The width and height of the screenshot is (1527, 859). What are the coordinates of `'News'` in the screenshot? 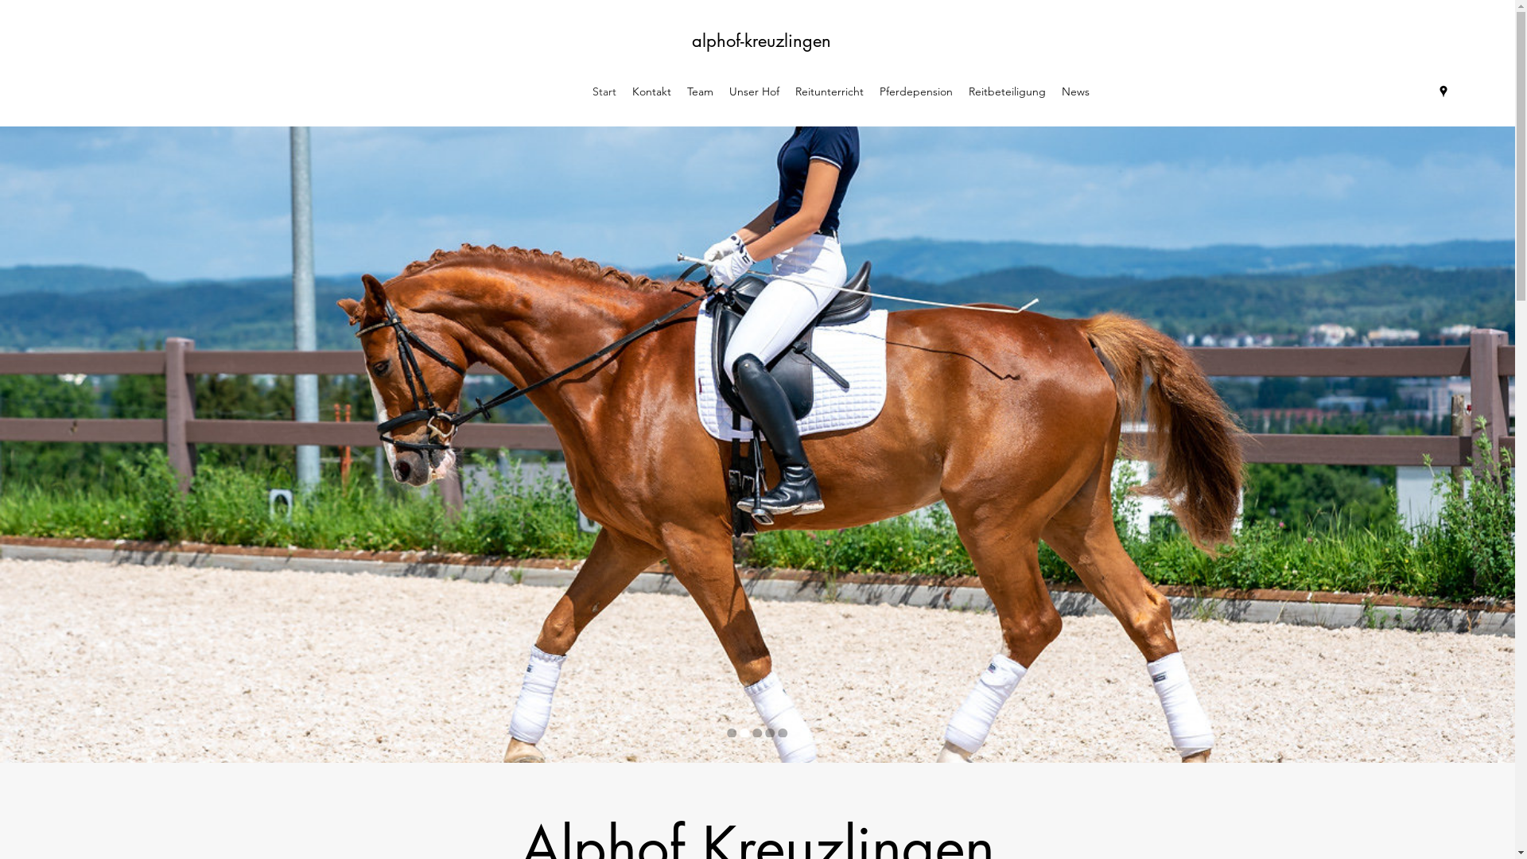 It's located at (1075, 91).